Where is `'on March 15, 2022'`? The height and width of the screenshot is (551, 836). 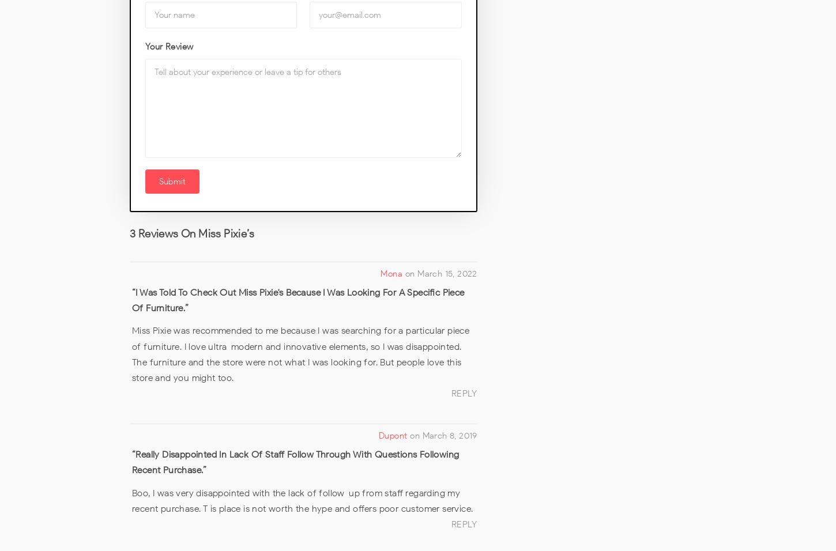
'on March 15, 2022' is located at coordinates (441, 273).